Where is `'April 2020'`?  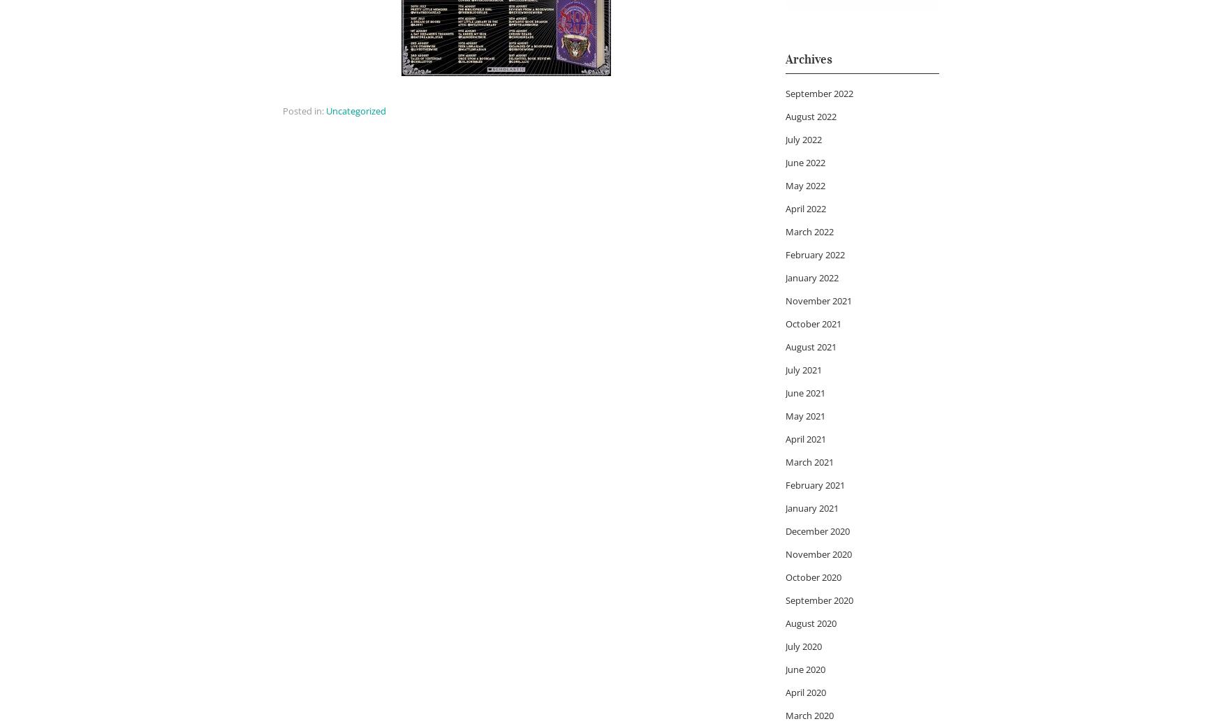
'April 2020' is located at coordinates (804, 692).